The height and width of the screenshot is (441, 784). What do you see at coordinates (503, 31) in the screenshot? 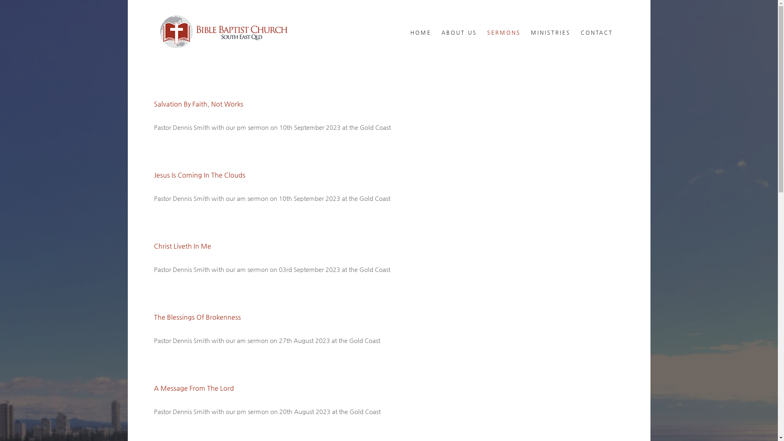
I see `'SERMONS'` at bounding box center [503, 31].